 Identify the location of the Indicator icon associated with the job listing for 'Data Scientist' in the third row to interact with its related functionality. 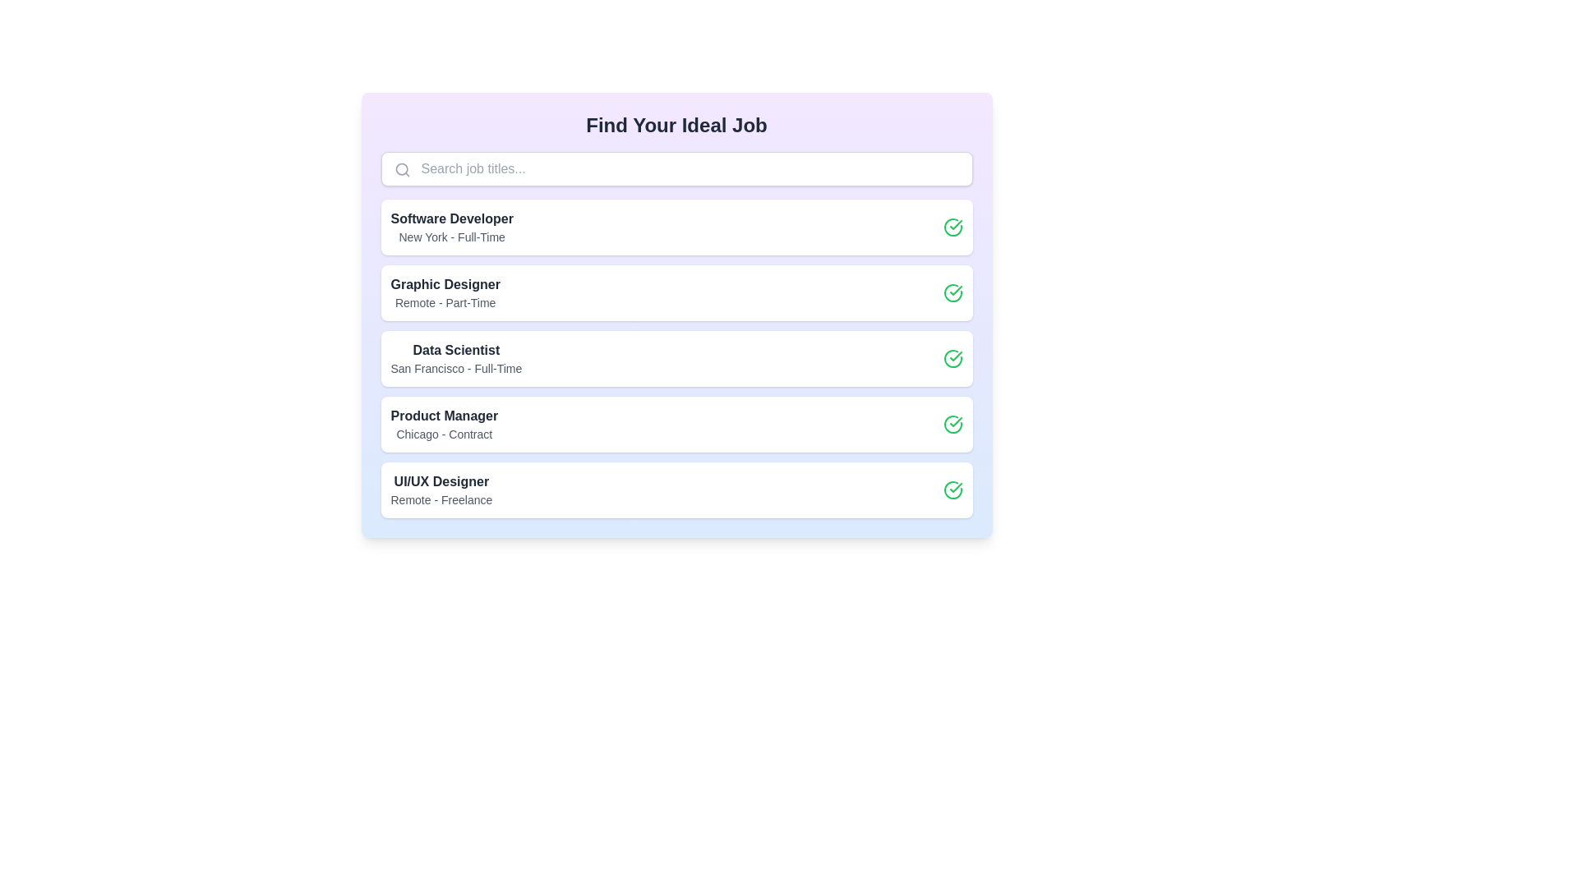
(953, 357).